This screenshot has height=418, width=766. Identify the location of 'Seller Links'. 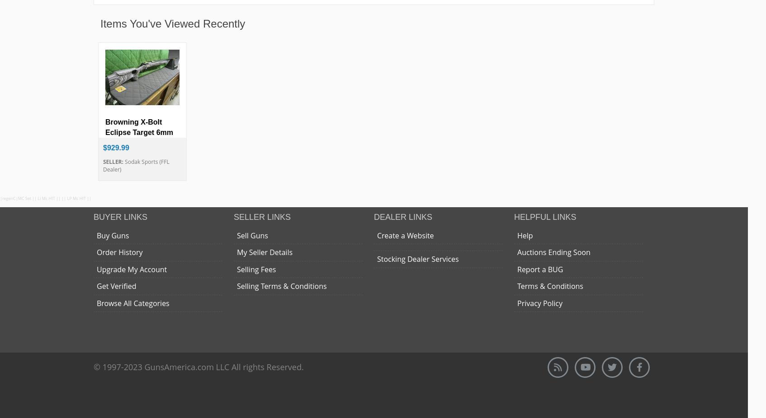
(233, 216).